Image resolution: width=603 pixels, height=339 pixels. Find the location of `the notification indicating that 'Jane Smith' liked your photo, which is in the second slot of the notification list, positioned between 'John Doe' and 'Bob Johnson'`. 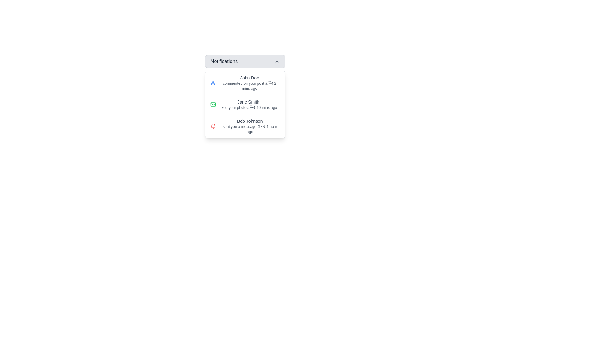

the notification indicating that 'Jane Smith' liked your photo, which is in the second slot of the notification list, positioned between 'John Doe' and 'Bob Johnson' is located at coordinates (248, 104).